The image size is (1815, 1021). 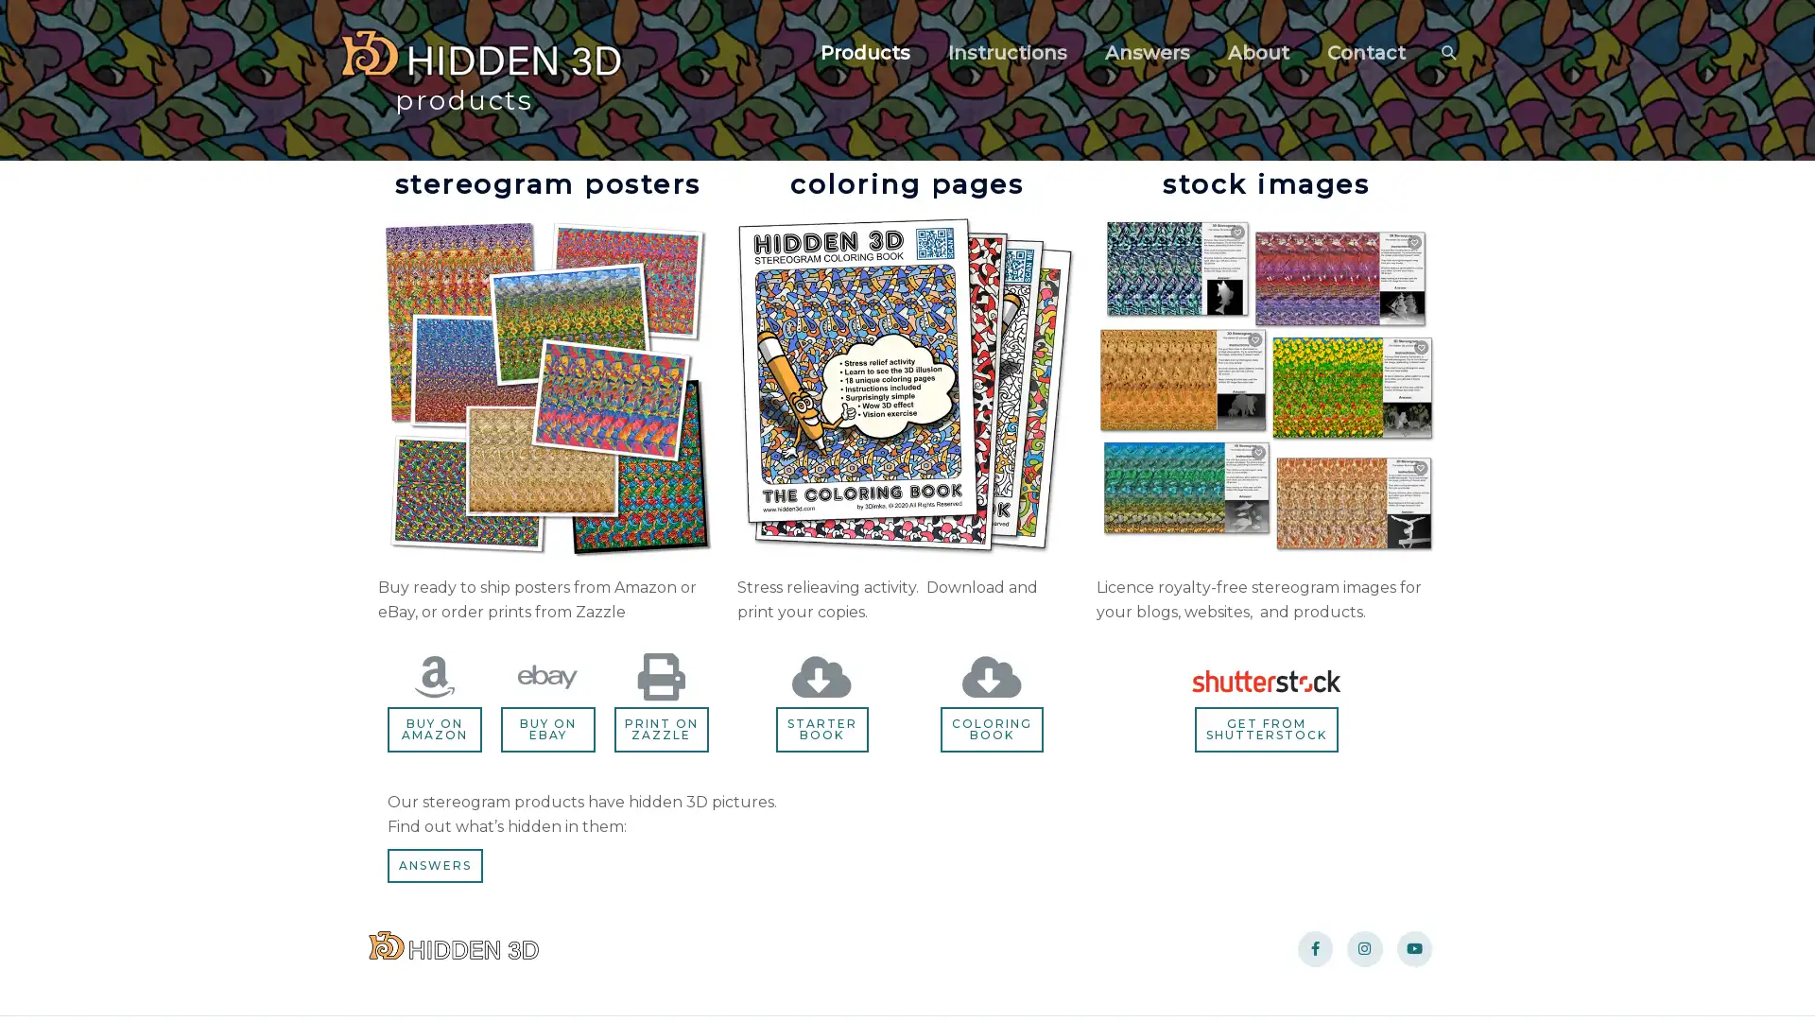 I want to click on ANSWERS, so click(x=434, y=865).